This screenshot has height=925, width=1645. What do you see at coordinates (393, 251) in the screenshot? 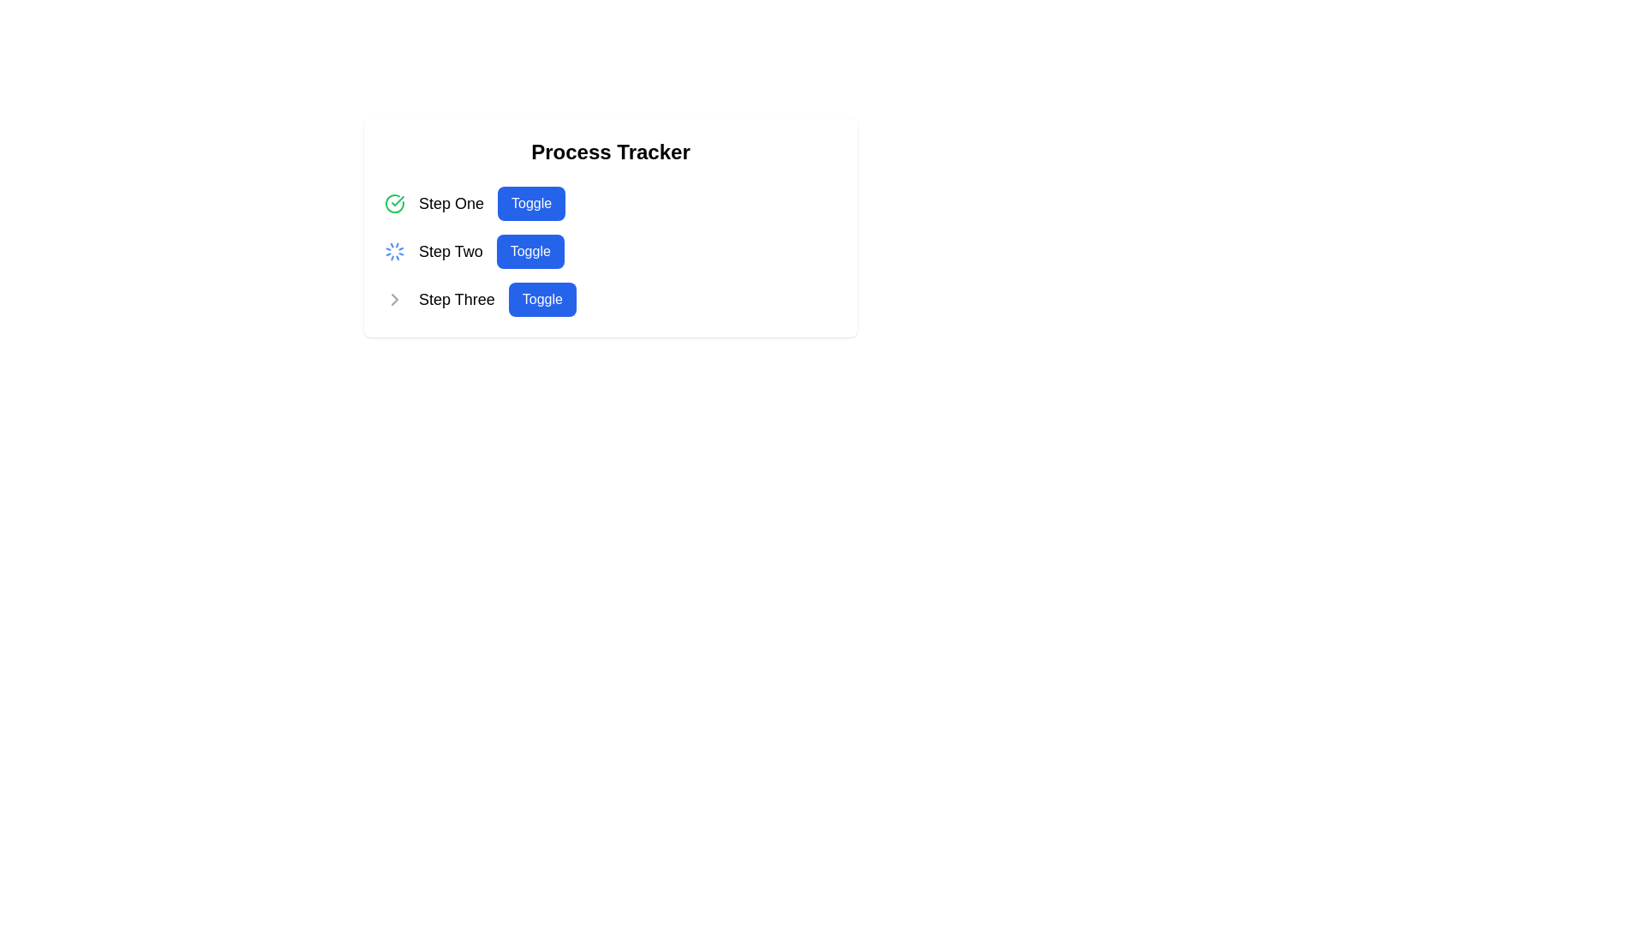
I see `the blue loading spinner icon located to the left of 'Step Two' and adjacent to the 'Toggle' button, indicating an ongoing process` at bounding box center [393, 251].